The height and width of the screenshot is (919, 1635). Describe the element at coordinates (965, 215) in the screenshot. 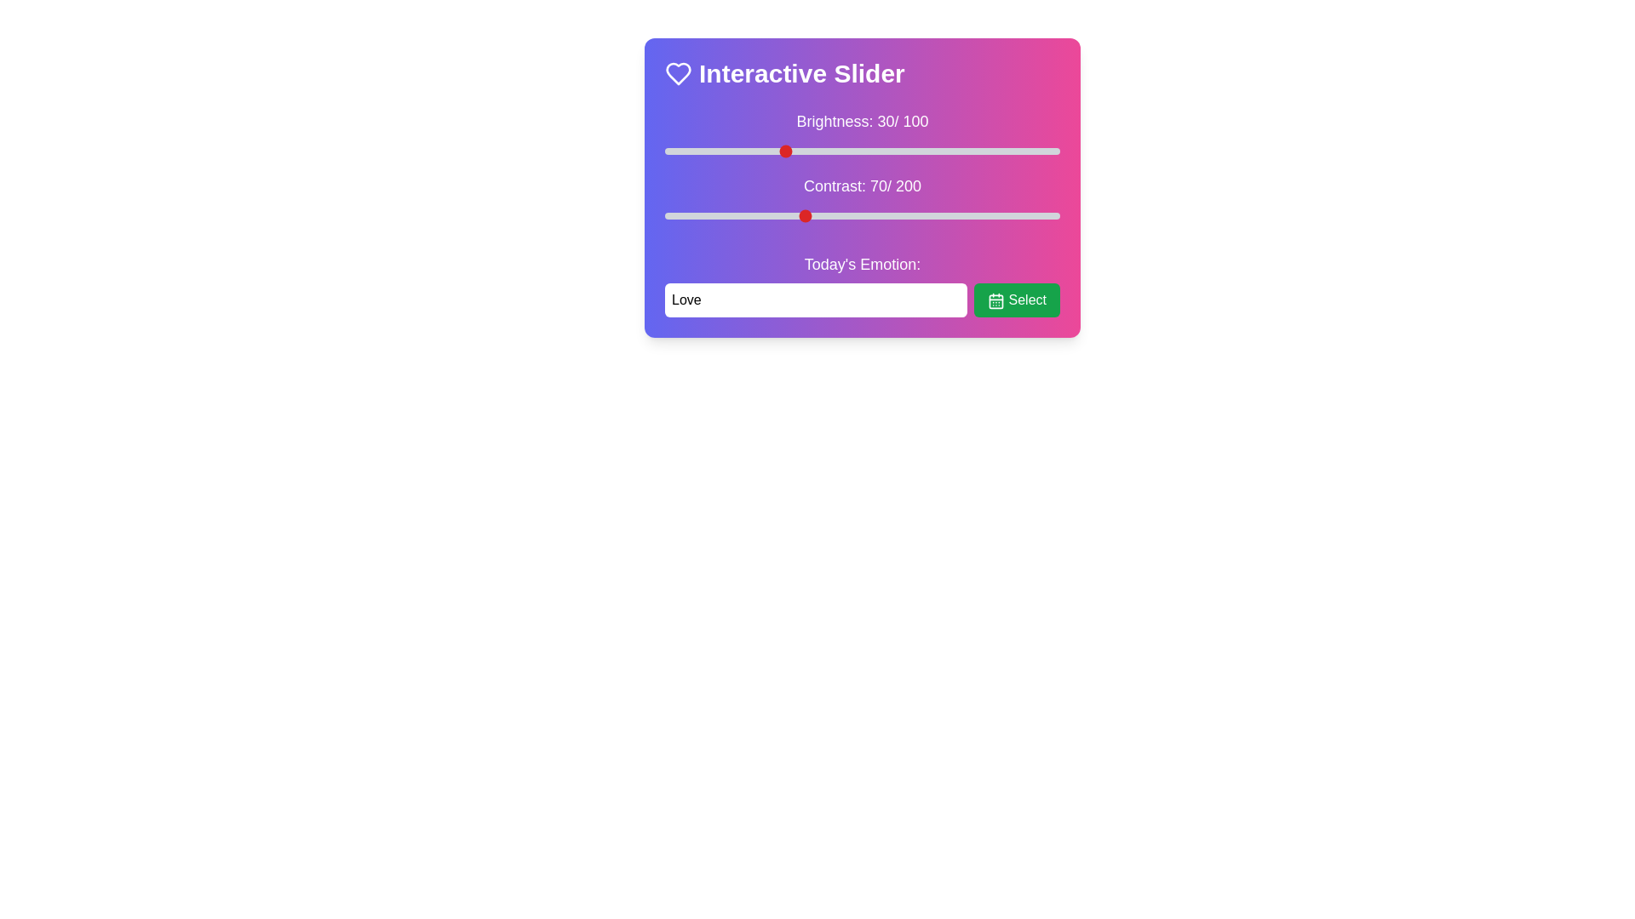

I see `the contrast slider to 152` at that location.